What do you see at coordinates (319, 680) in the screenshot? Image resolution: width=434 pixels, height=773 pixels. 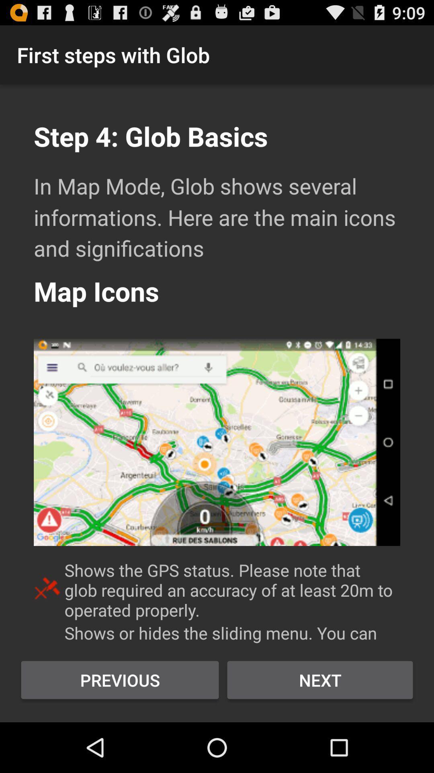 I see `next` at bounding box center [319, 680].